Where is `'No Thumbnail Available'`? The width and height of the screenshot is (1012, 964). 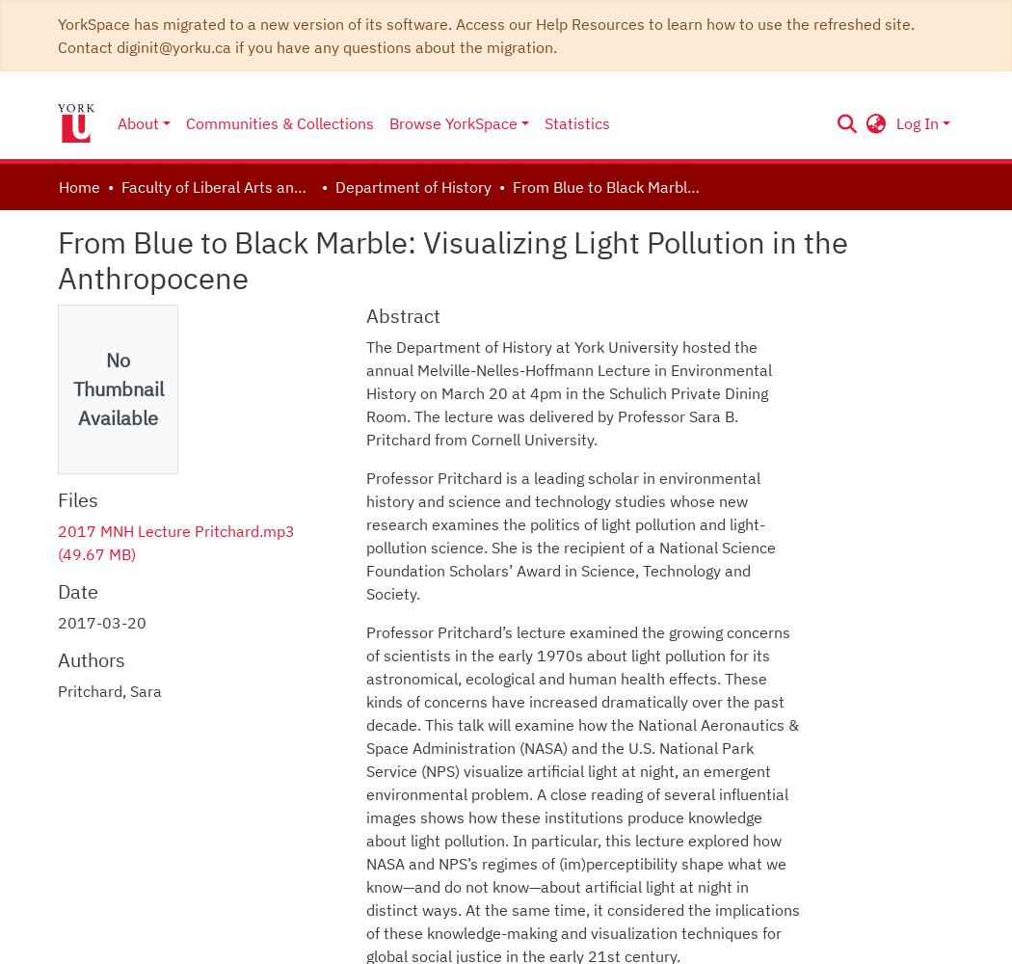
'No Thumbnail Available' is located at coordinates (117, 388).